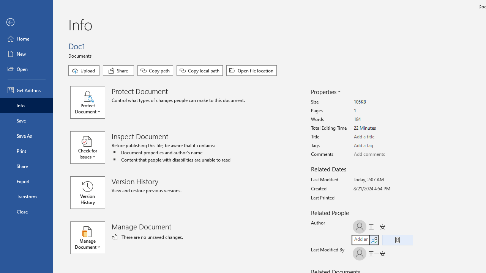 This screenshot has width=486, height=273. What do you see at coordinates (26, 181) in the screenshot?
I see `'Export'` at bounding box center [26, 181].